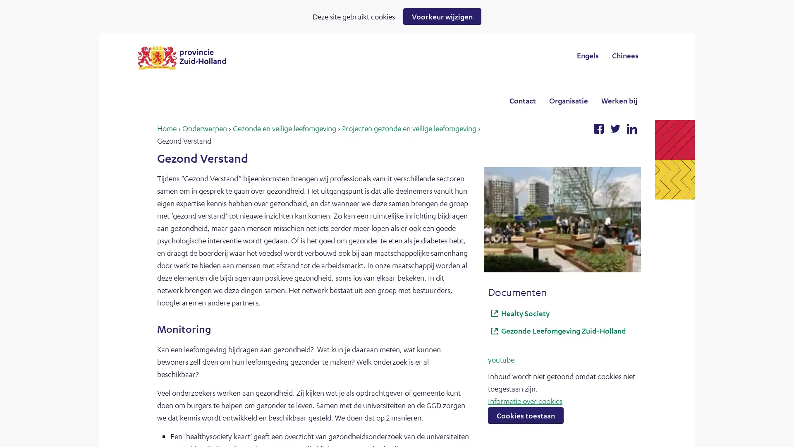 The height and width of the screenshot is (447, 794). What do you see at coordinates (525, 415) in the screenshot?
I see `Cookies toestaan` at bounding box center [525, 415].